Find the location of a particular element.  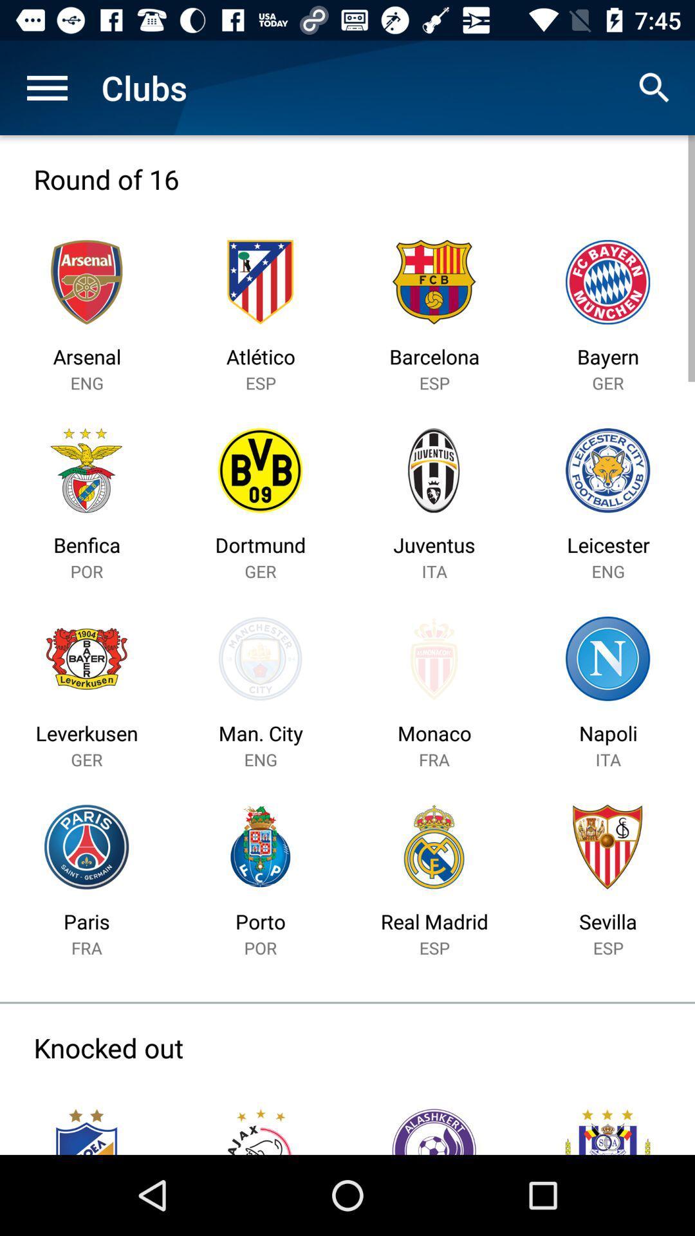

icon next to clubs icon is located at coordinates (46, 87).